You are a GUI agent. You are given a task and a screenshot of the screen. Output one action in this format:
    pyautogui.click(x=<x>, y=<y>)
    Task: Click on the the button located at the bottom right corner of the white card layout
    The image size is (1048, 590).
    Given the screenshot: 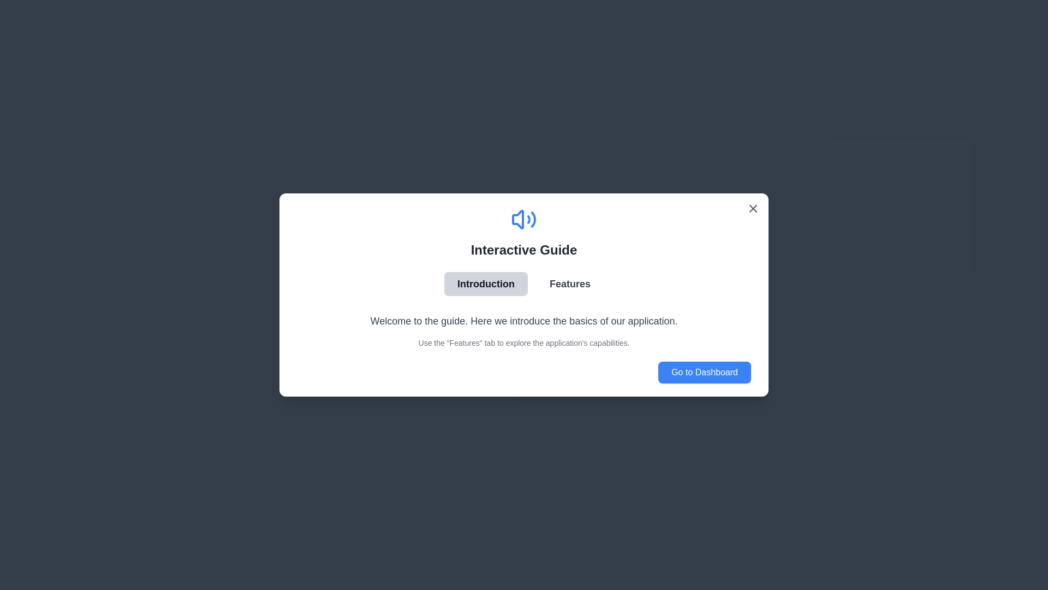 What is the action you would take?
    pyautogui.click(x=705, y=372)
    